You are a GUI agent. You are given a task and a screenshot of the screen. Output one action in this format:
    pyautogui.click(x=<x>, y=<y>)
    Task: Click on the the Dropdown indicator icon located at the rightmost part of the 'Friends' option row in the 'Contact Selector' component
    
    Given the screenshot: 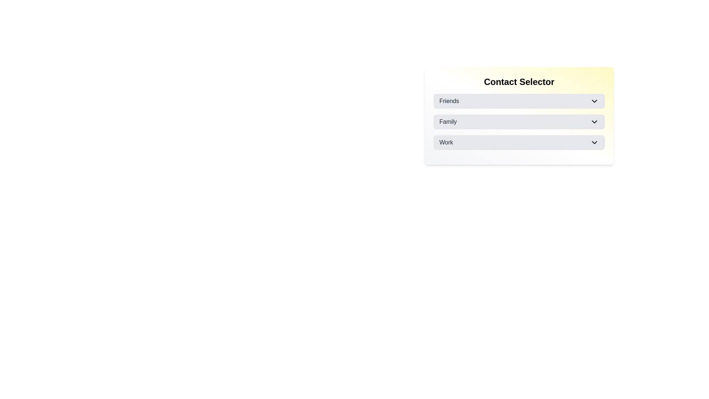 What is the action you would take?
    pyautogui.click(x=594, y=101)
    